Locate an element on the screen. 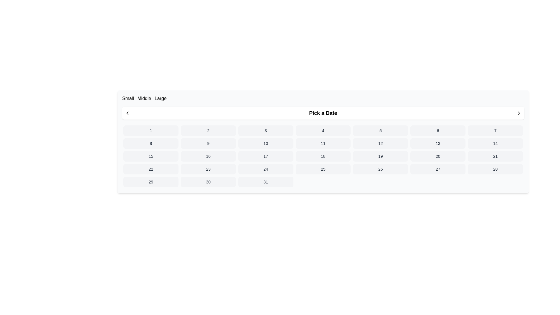  the button representing the number '7' in the calendar or picker interface is located at coordinates (495, 130).